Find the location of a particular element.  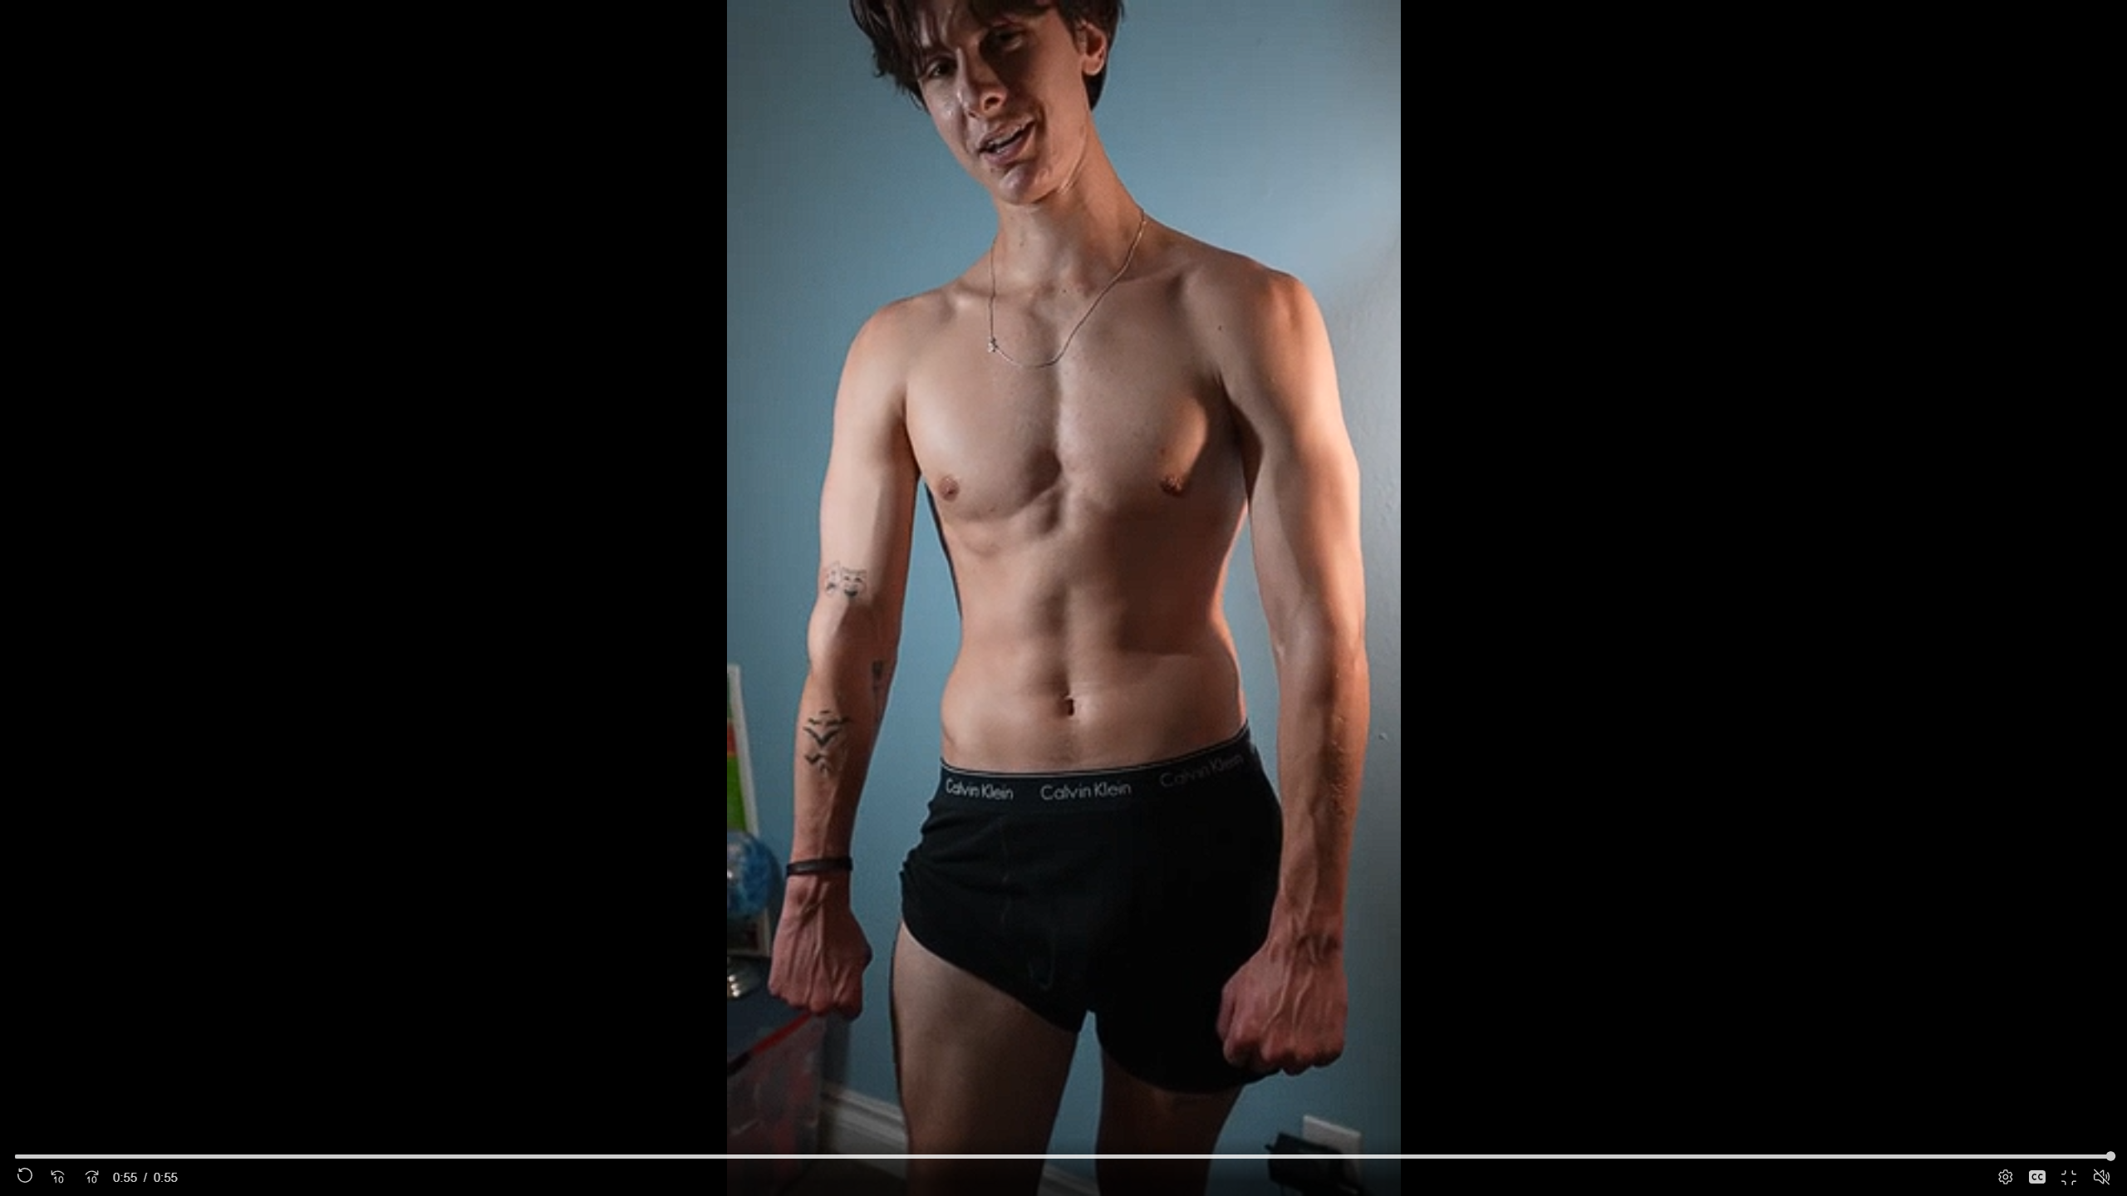

'Unmute' is located at coordinates (2100, 1176).